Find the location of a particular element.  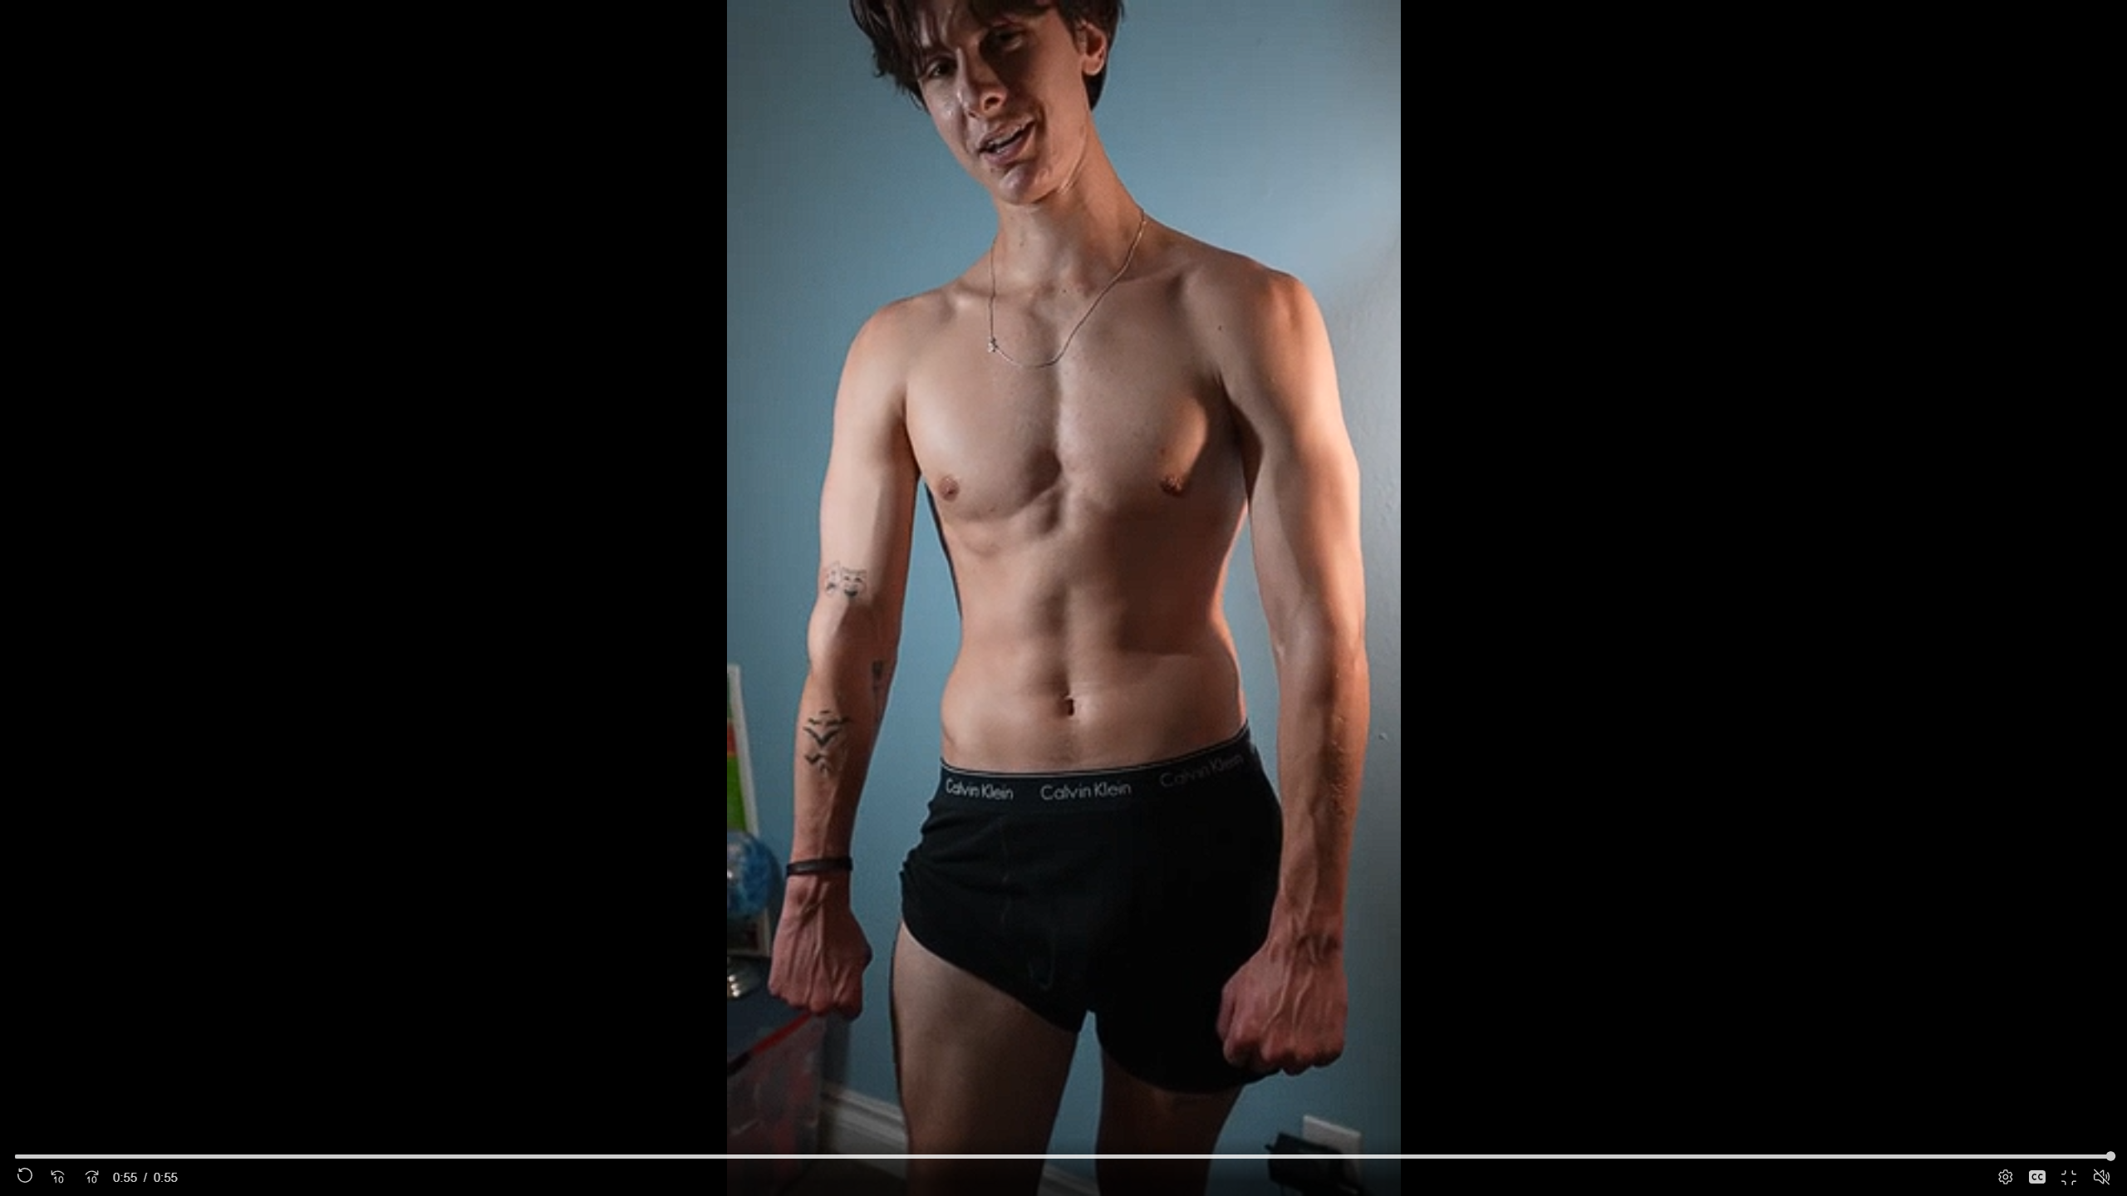

'Unmute' is located at coordinates (2100, 1176).